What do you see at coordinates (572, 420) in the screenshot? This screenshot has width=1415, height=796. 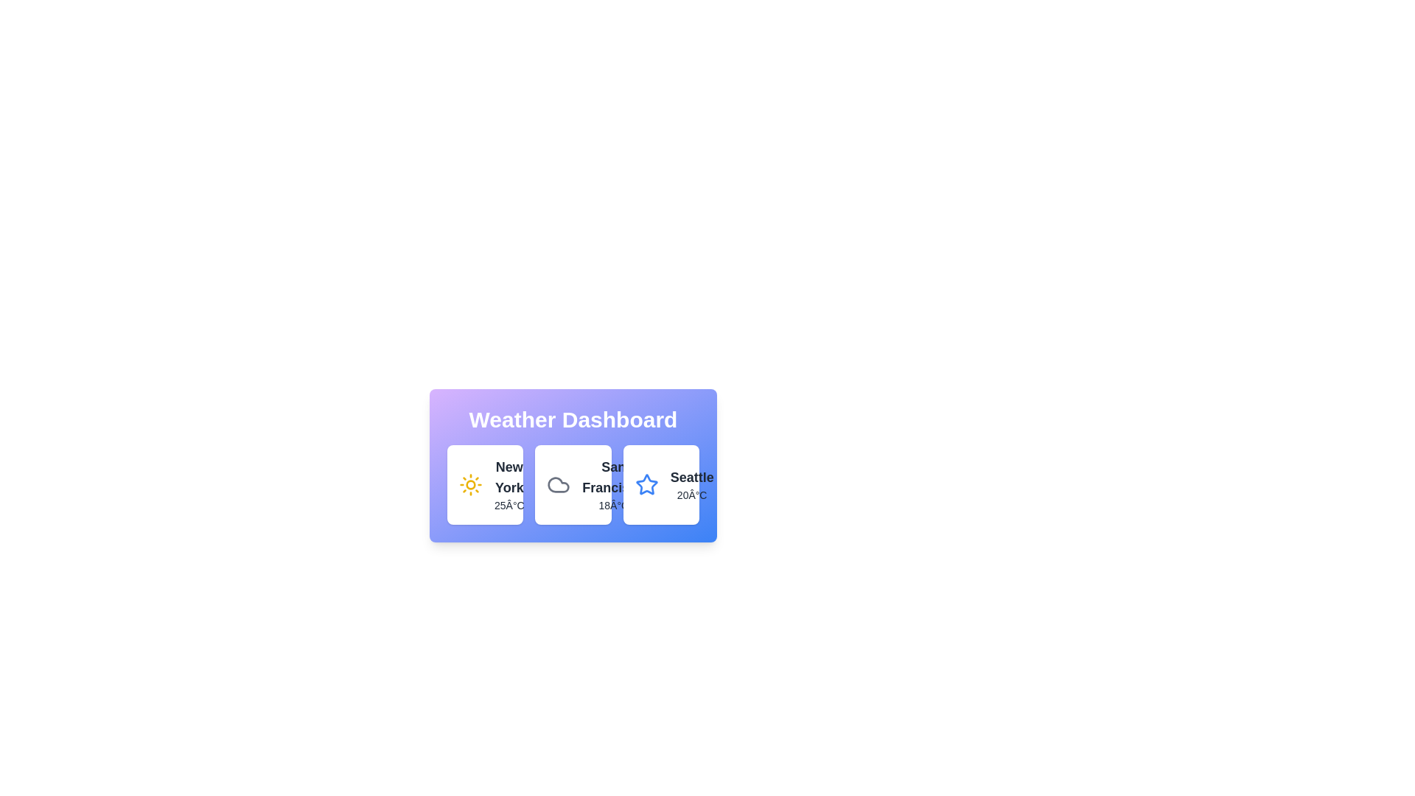 I see `the static text header at the top of the dashboard card that spans horizontally and is centrally aligned above the weather information grid` at bounding box center [572, 420].